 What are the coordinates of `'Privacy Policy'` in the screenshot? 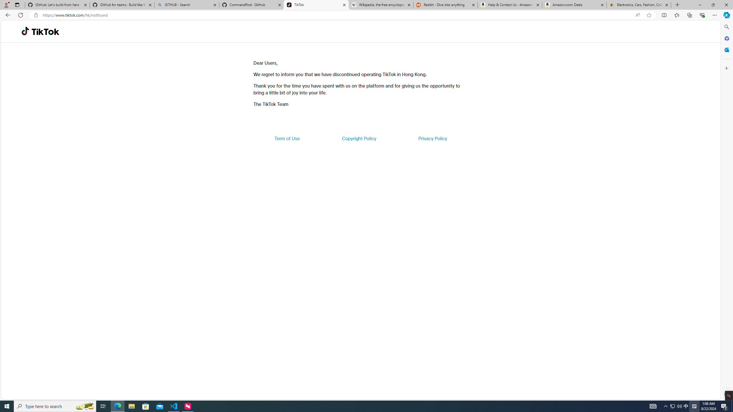 It's located at (432, 138).